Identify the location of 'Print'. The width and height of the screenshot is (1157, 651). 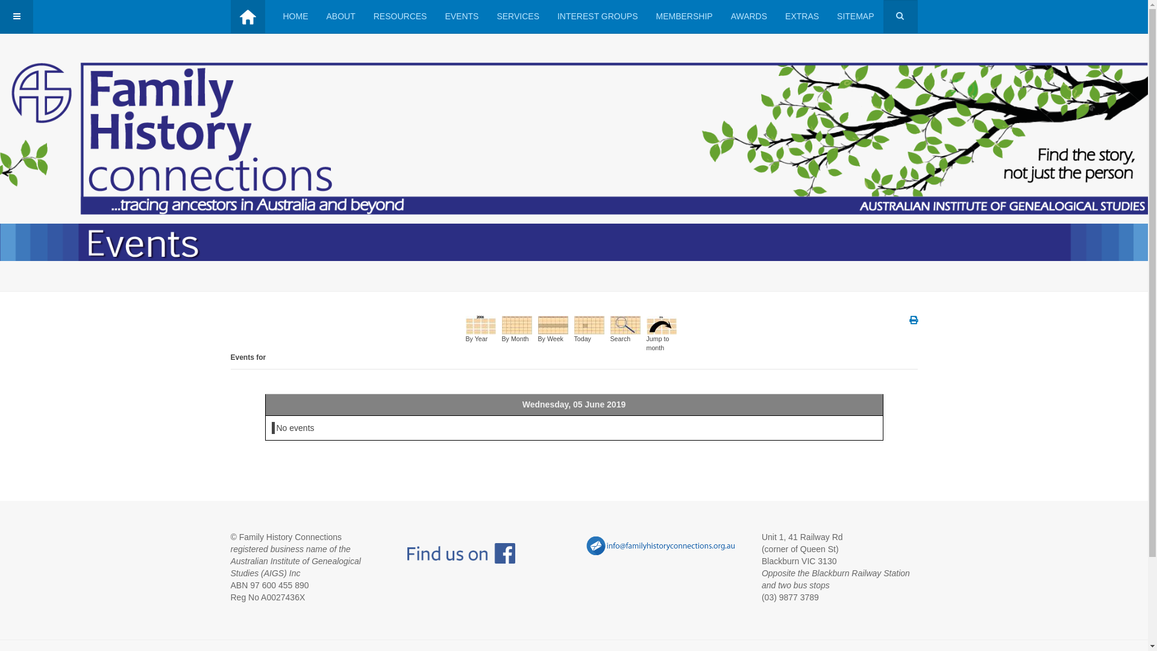
(913, 319).